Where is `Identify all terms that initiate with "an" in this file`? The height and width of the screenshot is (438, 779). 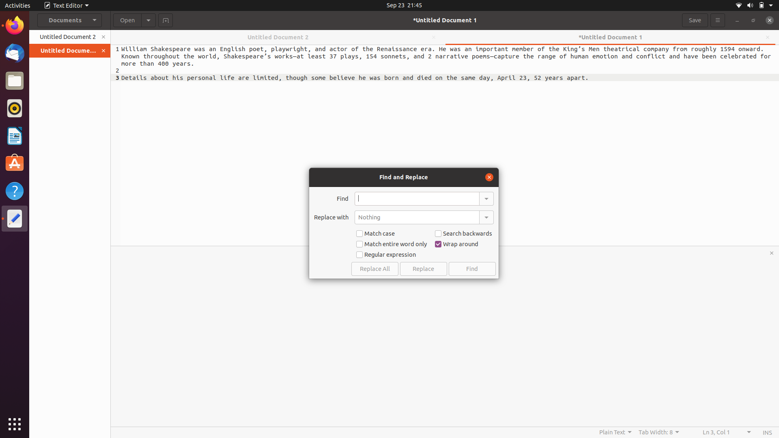
Identify all terms that initiate with "an" in this file is located at coordinates (417, 198).